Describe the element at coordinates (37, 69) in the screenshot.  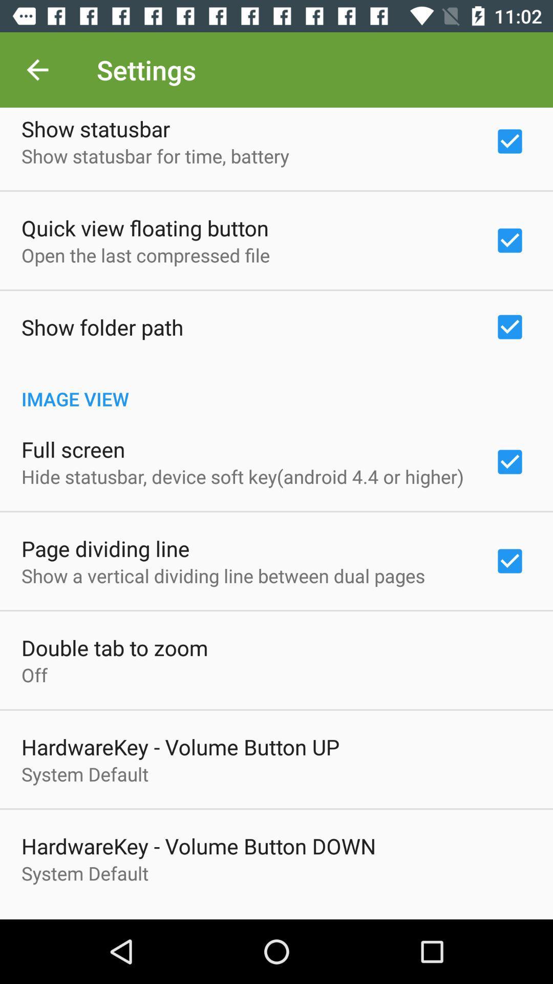
I see `item next to the settings` at that location.